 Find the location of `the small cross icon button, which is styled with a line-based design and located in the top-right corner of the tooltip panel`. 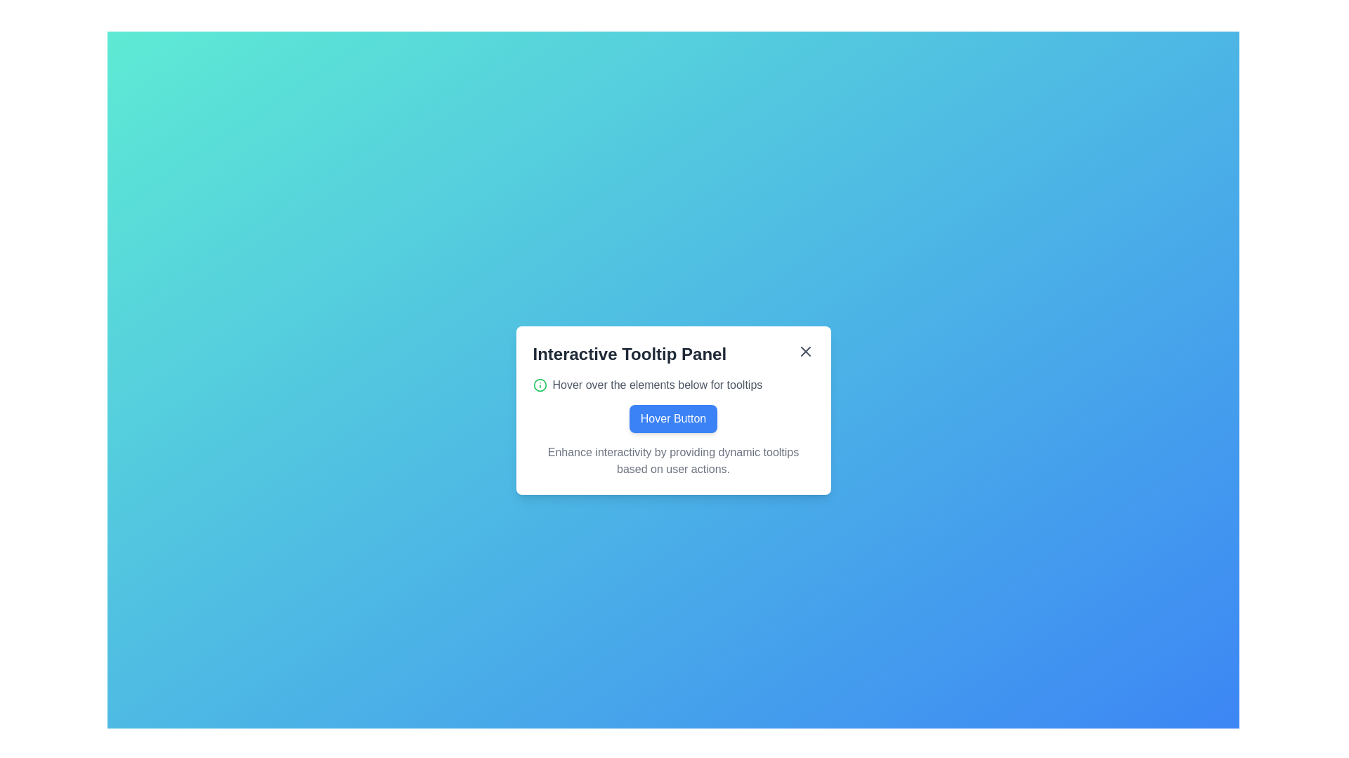

the small cross icon button, which is styled with a line-based design and located in the top-right corner of the tooltip panel is located at coordinates (805, 351).